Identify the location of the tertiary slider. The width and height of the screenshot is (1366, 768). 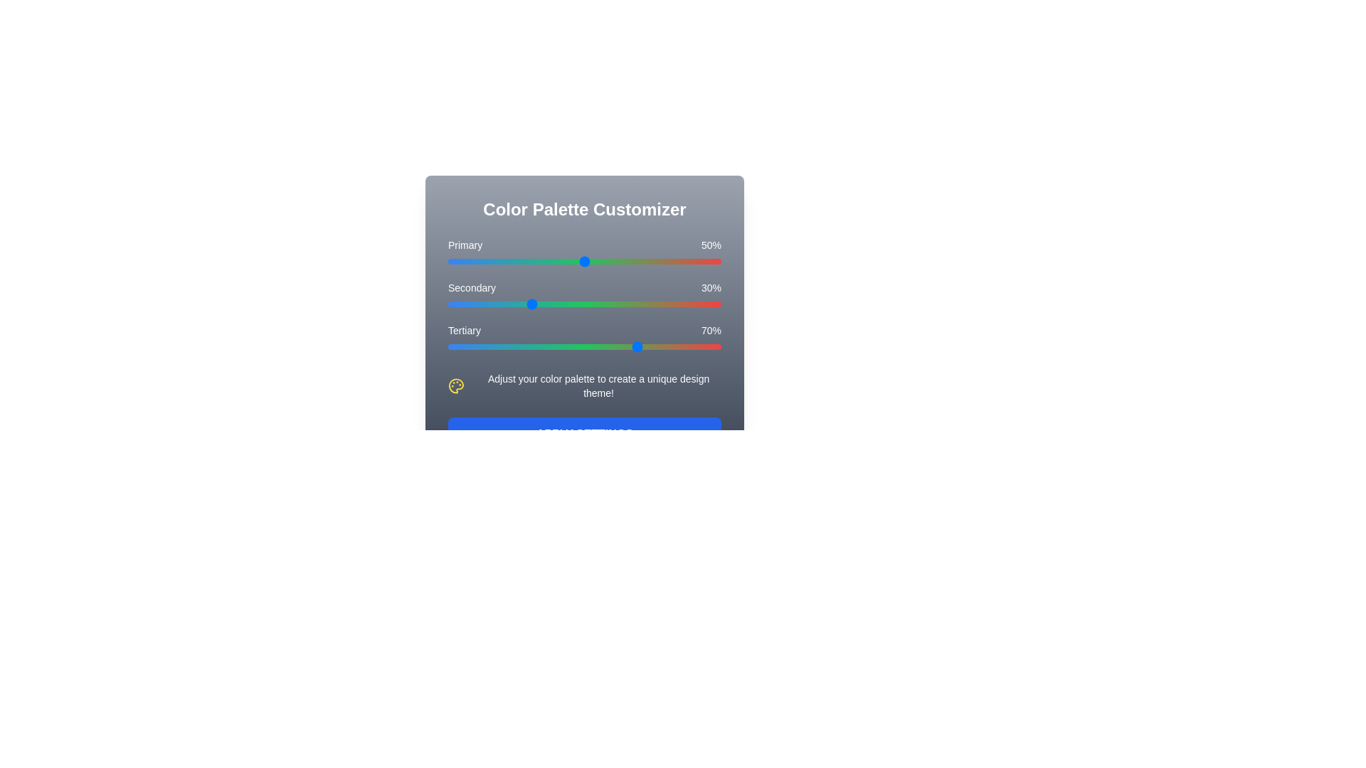
(515, 347).